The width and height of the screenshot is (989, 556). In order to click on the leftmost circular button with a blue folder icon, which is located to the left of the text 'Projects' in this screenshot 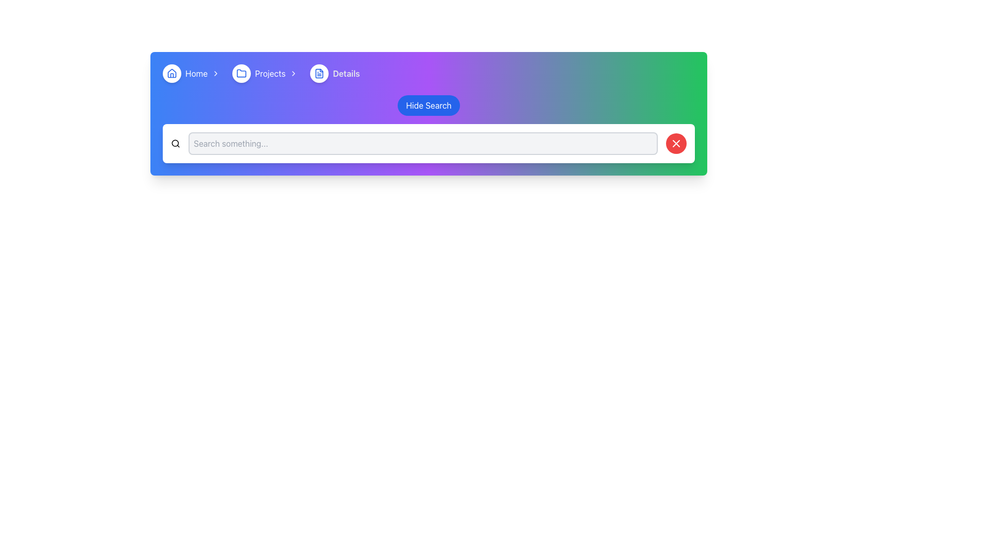, I will do `click(241, 73)`.